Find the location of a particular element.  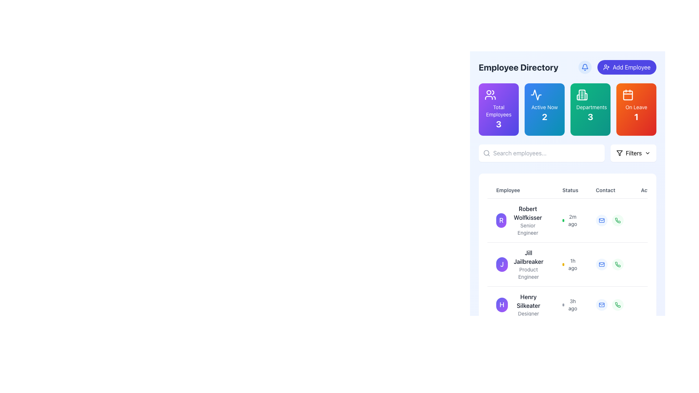

the label indicating 'Total Employees' located in the first card of the dashboard interface, positioned above the number '3' and below the user icon is located at coordinates (498, 111).